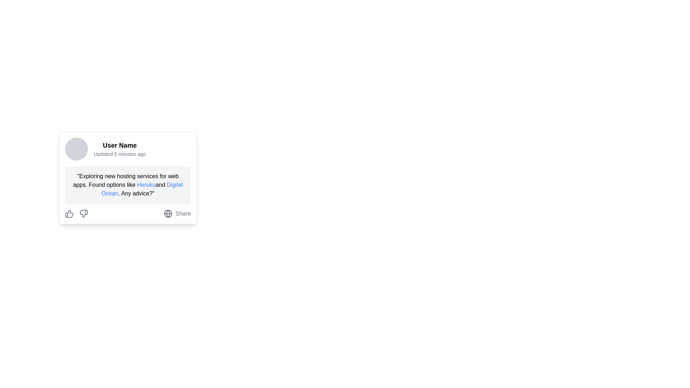  I want to click on the thumbs-up icon element, specifically the thumb part of the icon that is styled with a stroke outline and follows a minimalist design, so click(69, 213).